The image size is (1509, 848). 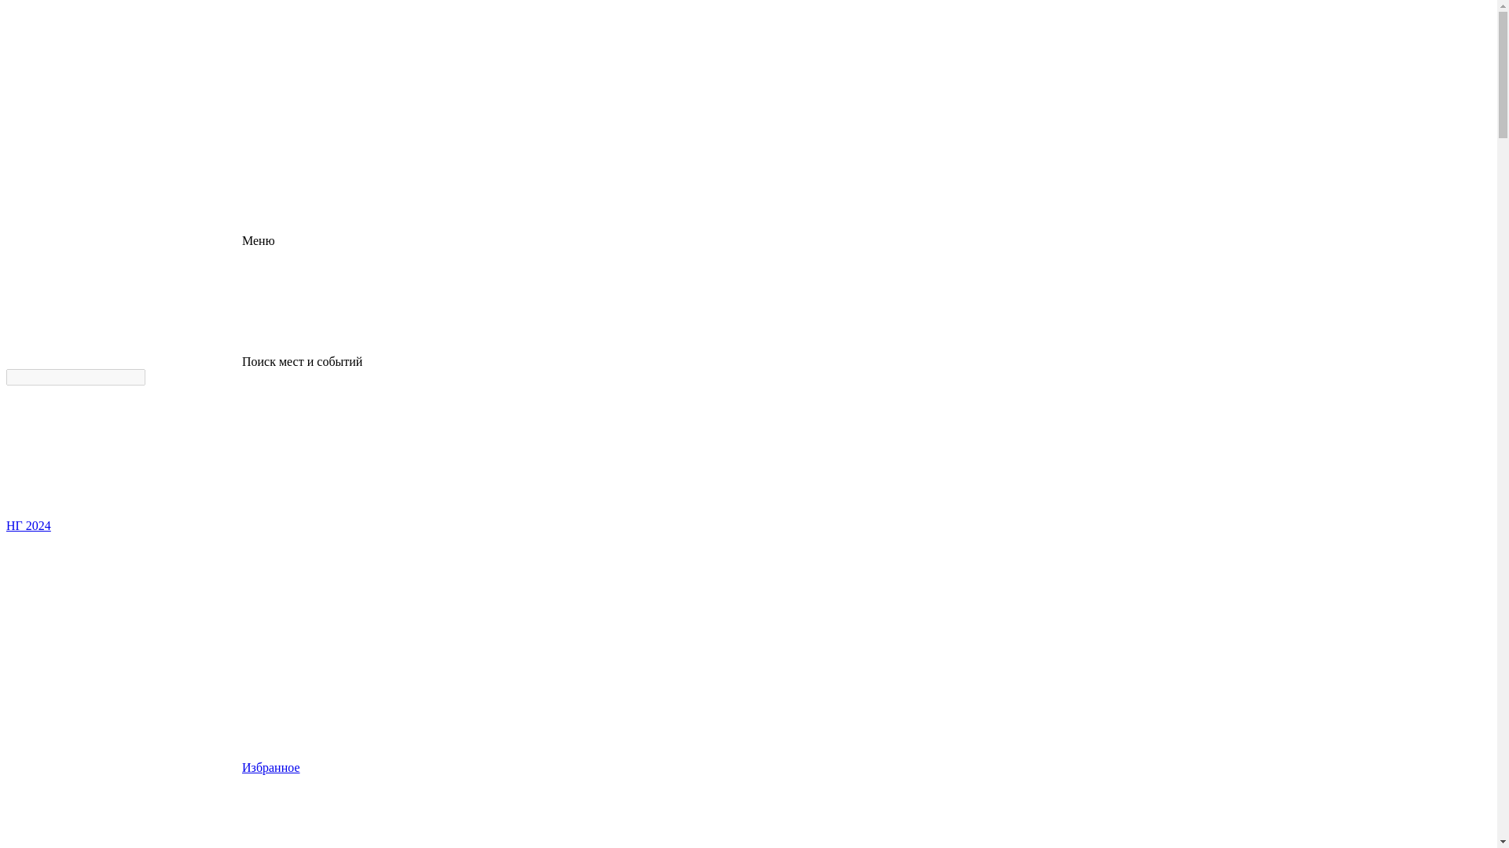 What do you see at coordinates (123, 64) in the screenshot?
I see `'logo'` at bounding box center [123, 64].